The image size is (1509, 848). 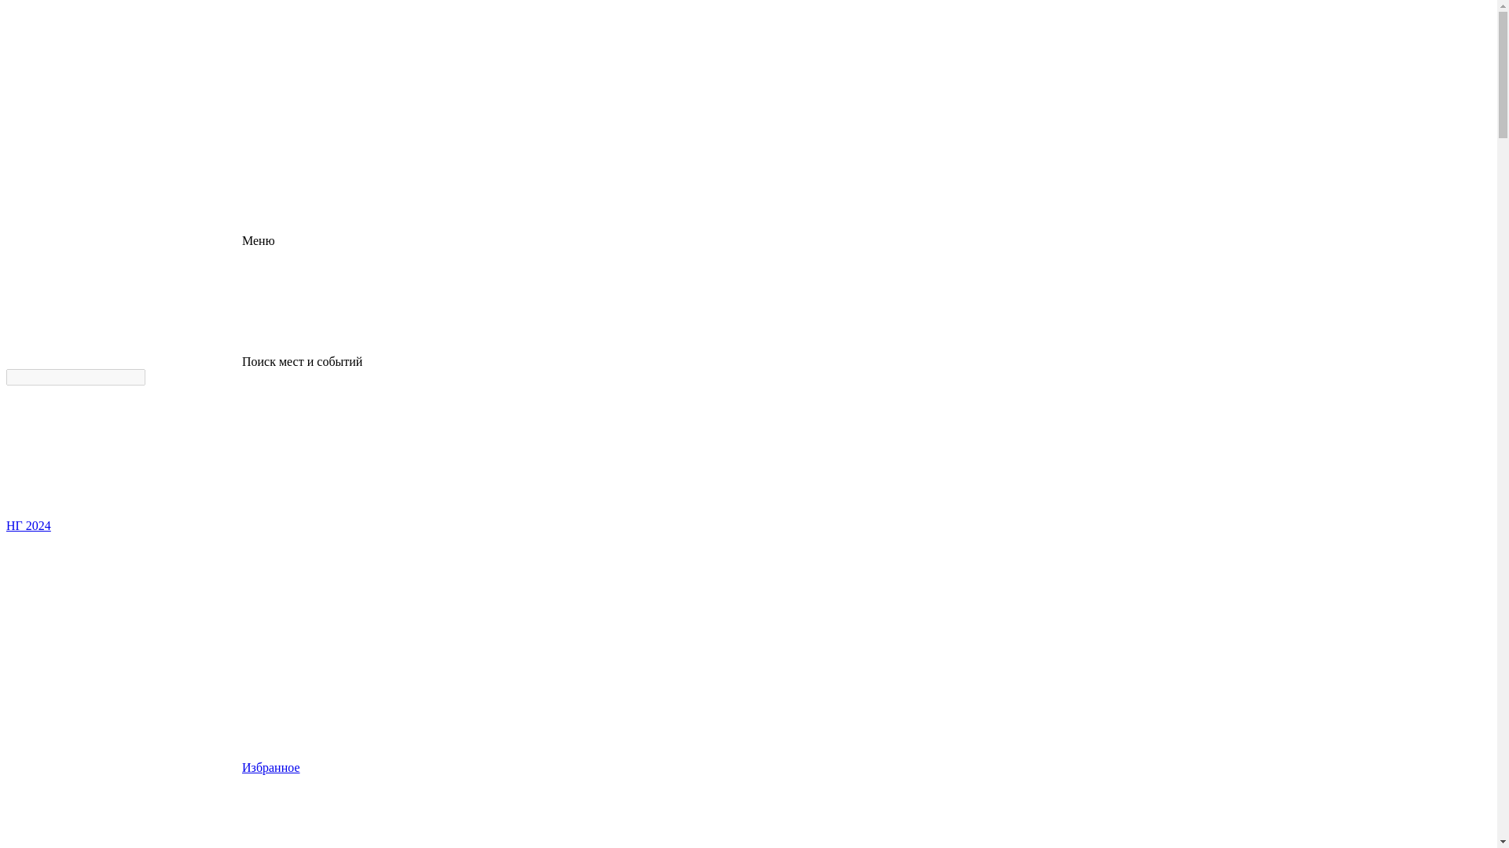 What do you see at coordinates (123, 64) in the screenshot?
I see `'logo'` at bounding box center [123, 64].